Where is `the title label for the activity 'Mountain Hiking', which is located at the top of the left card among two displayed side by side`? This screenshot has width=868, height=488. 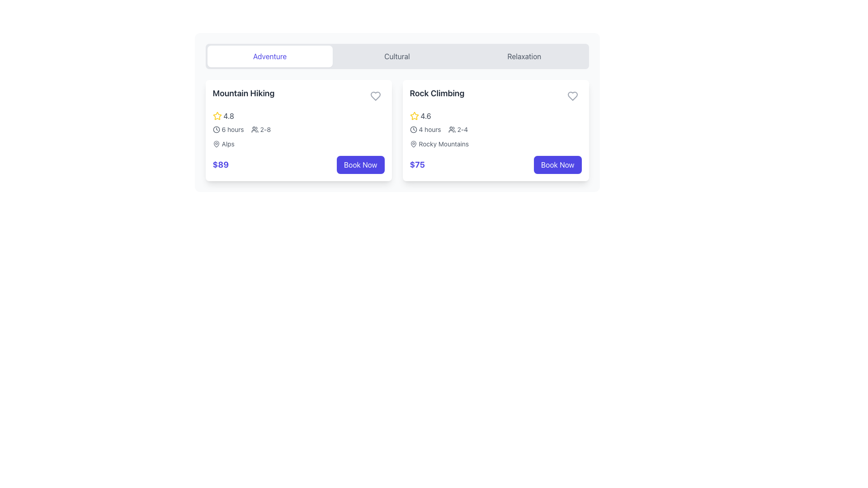 the title label for the activity 'Mountain Hiking', which is located at the top of the left card among two displayed side by side is located at coordinates (243, 94).